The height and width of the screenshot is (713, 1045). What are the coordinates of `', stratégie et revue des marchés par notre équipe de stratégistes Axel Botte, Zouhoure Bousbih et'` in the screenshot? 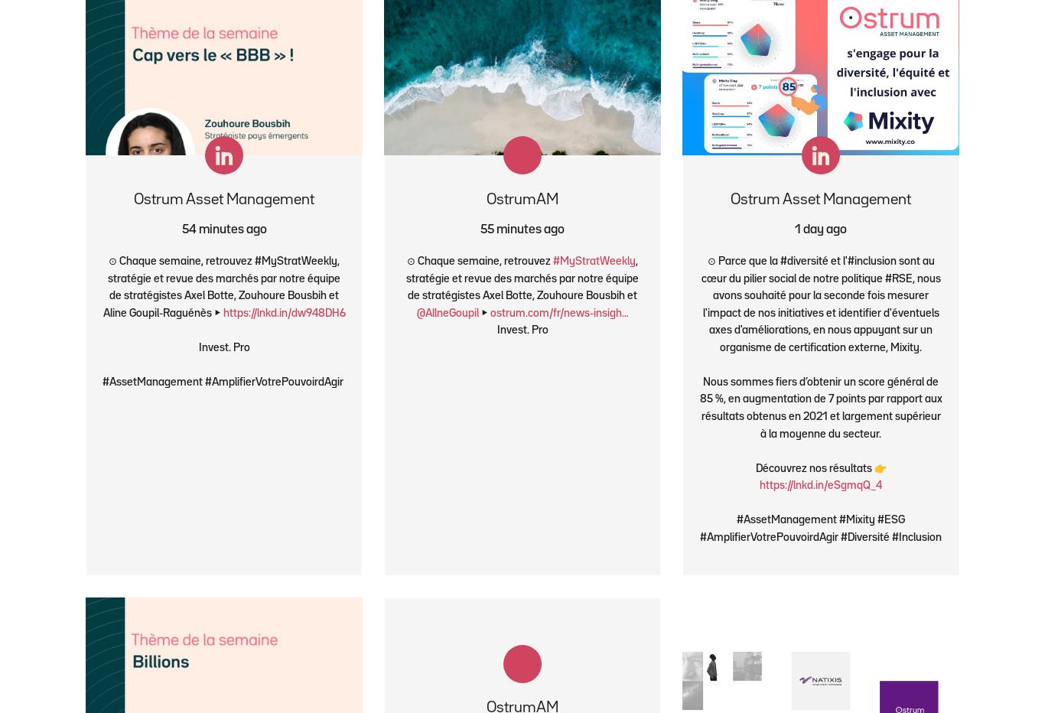 It's located at (522, 278).